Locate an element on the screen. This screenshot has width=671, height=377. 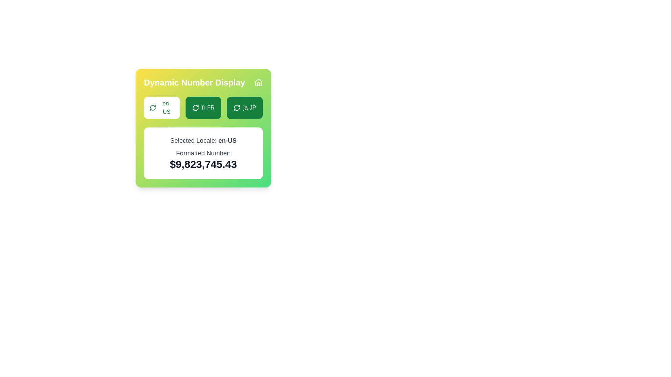
information displayed in the informational box that shows 'Selected Locale: en-US' and '$9,823,745.43' is located at coordinates (203, 153).